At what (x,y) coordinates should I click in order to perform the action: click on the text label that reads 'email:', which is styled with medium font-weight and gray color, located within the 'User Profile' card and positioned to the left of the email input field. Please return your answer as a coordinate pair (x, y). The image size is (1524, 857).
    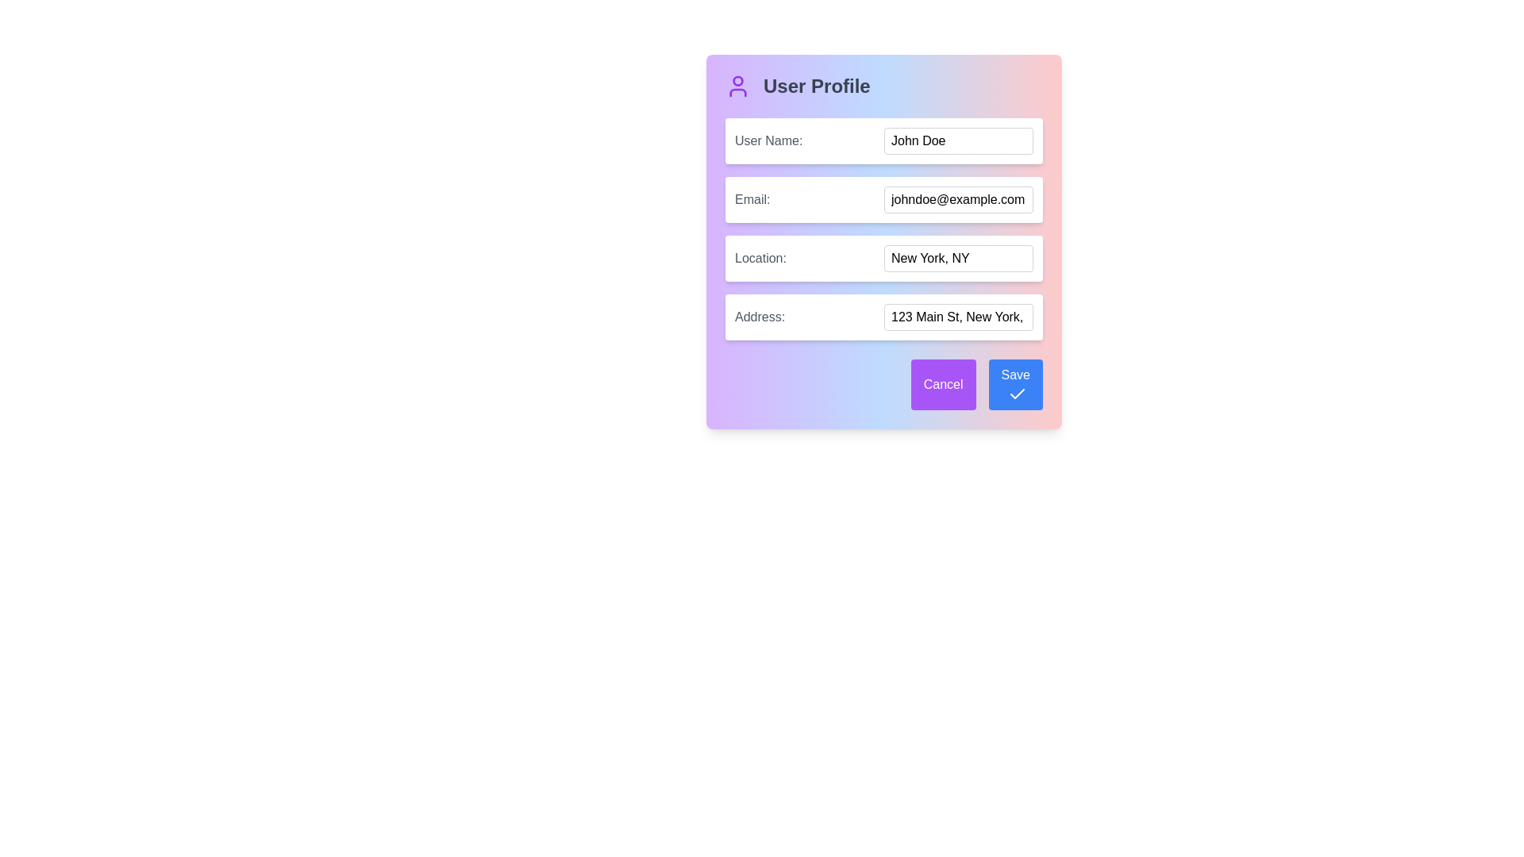
    Looking at the image, I should click on (752, 198).